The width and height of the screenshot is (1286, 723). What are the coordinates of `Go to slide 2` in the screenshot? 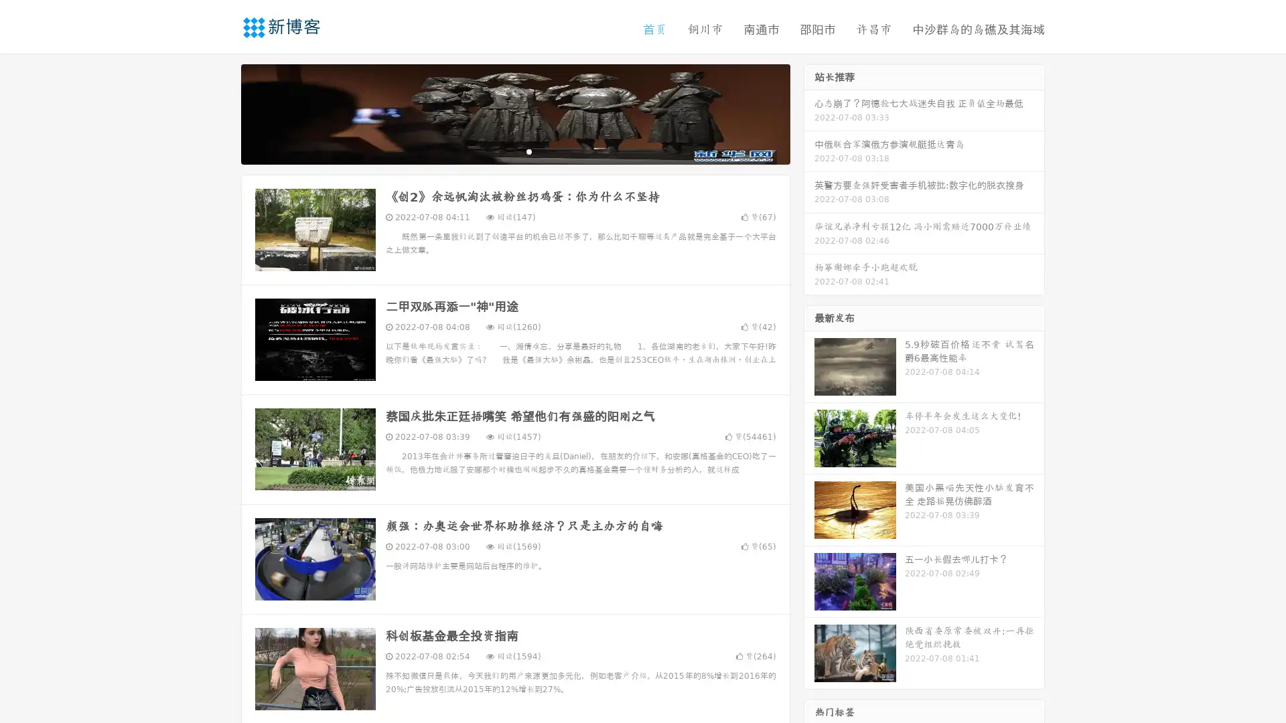 It's located at (514, 151).